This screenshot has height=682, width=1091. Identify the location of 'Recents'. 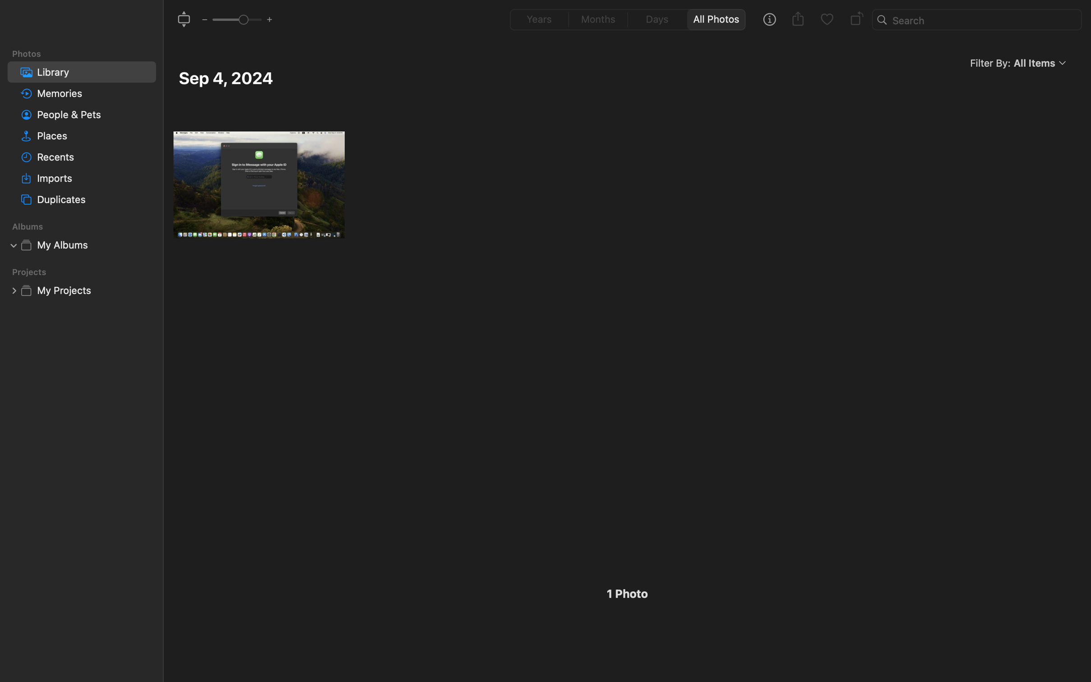
(94, 157).